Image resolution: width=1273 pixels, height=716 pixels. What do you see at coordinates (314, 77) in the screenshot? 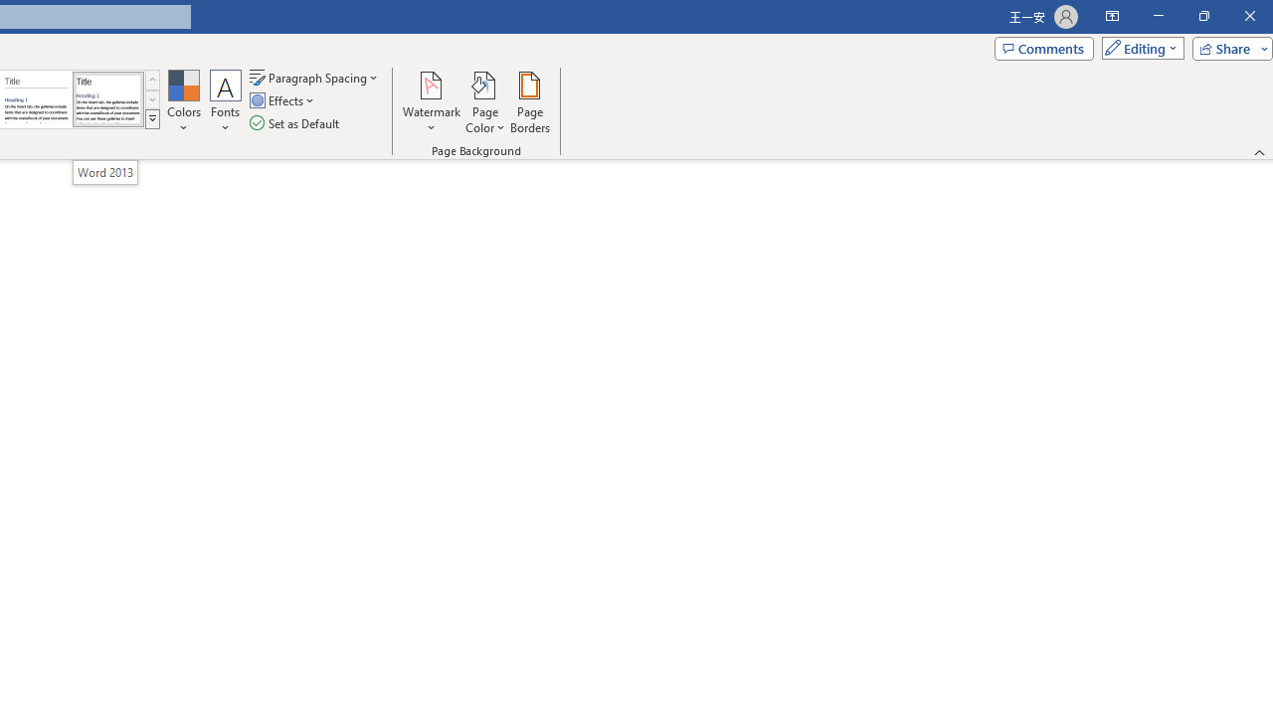
I see `'Paragraph Spacing'` at bounding box center [314, 77].